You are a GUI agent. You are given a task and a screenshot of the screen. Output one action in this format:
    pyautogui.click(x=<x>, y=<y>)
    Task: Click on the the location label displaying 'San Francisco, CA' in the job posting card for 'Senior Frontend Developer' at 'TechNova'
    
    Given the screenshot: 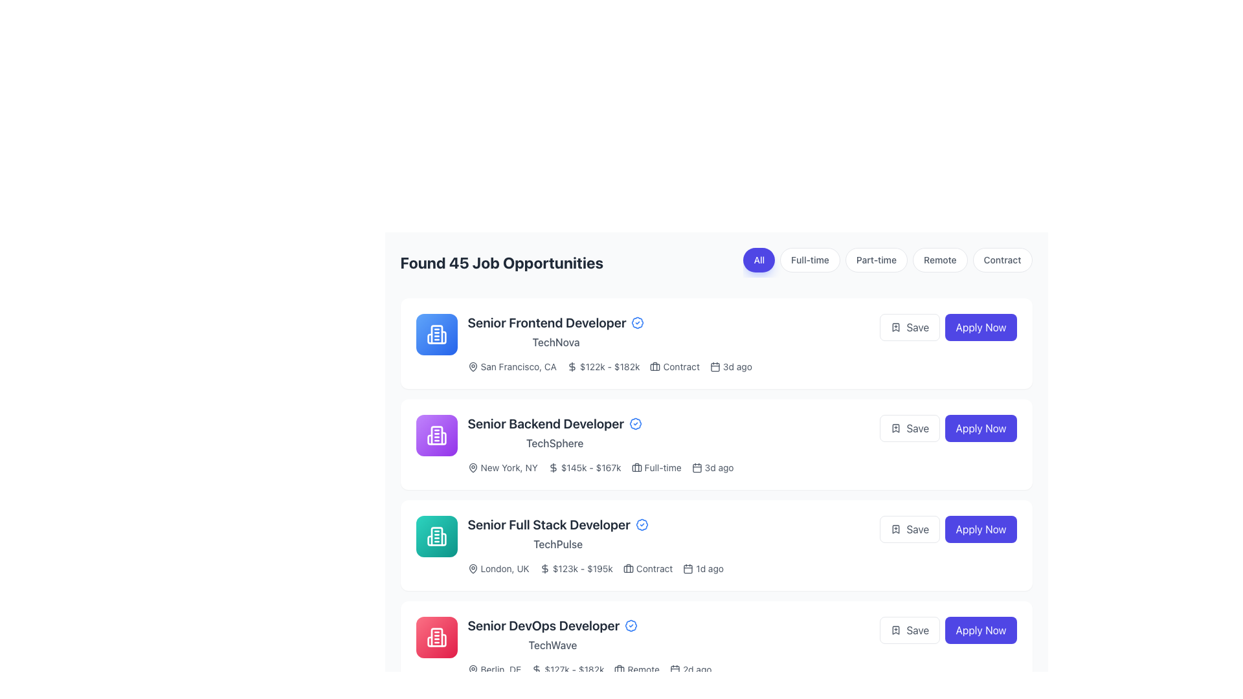 What is the action you would take?
    pyautogui.click(x=511, y=367)
    